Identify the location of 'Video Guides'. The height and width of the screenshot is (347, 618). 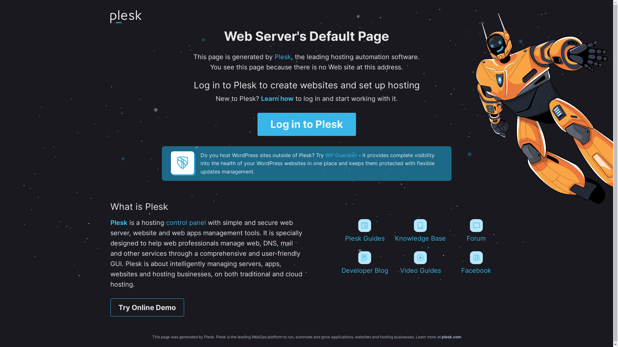
(394, 262).